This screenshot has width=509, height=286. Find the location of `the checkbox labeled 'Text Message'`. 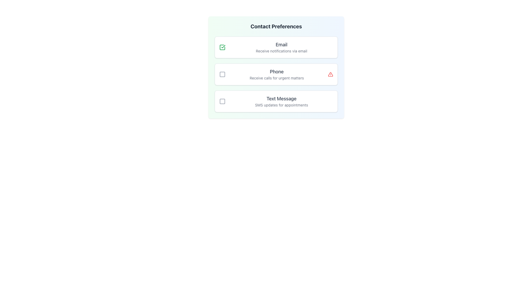

the checkbox labeled 'Text Message' is located at coordinates (276, 101).